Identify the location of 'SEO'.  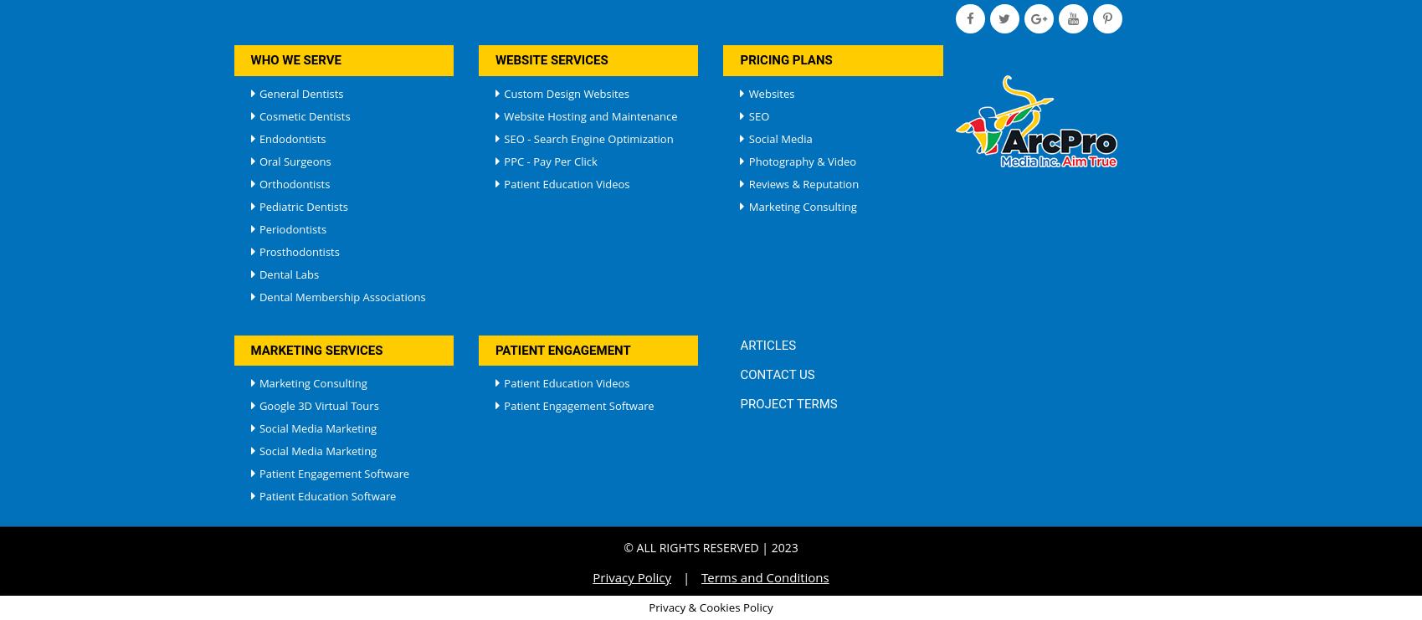
(744, 114).